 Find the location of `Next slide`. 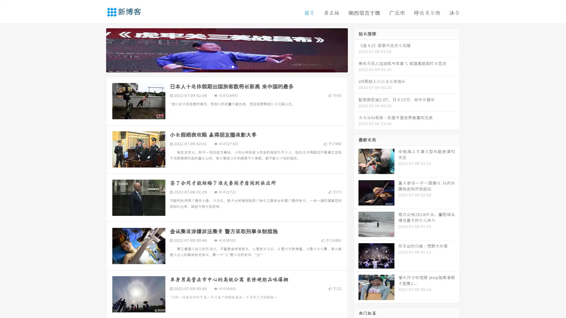

Next slide is located at coordinates (356, 49).